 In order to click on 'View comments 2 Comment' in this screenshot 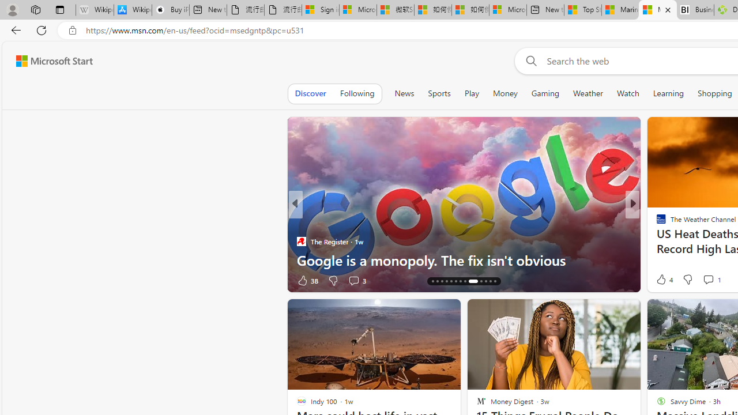, I will do `click(711, 280)`.